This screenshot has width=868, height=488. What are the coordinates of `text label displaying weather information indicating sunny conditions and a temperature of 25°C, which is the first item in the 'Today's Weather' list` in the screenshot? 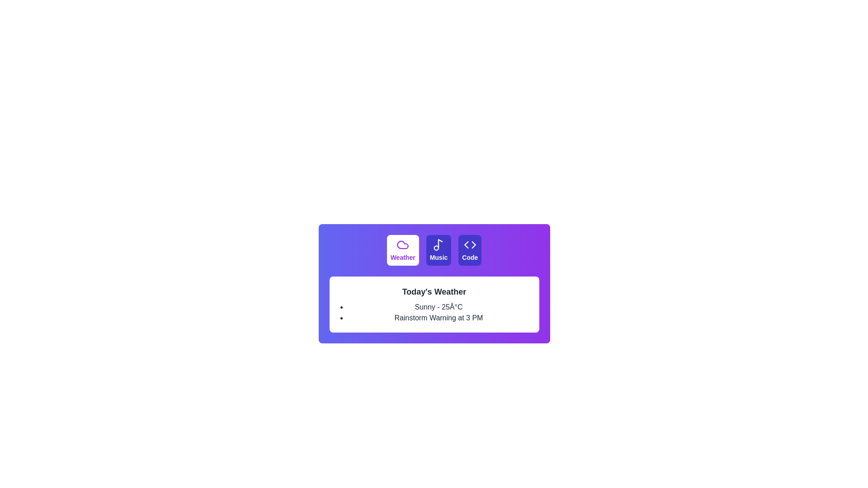 It's located at (439, 306).